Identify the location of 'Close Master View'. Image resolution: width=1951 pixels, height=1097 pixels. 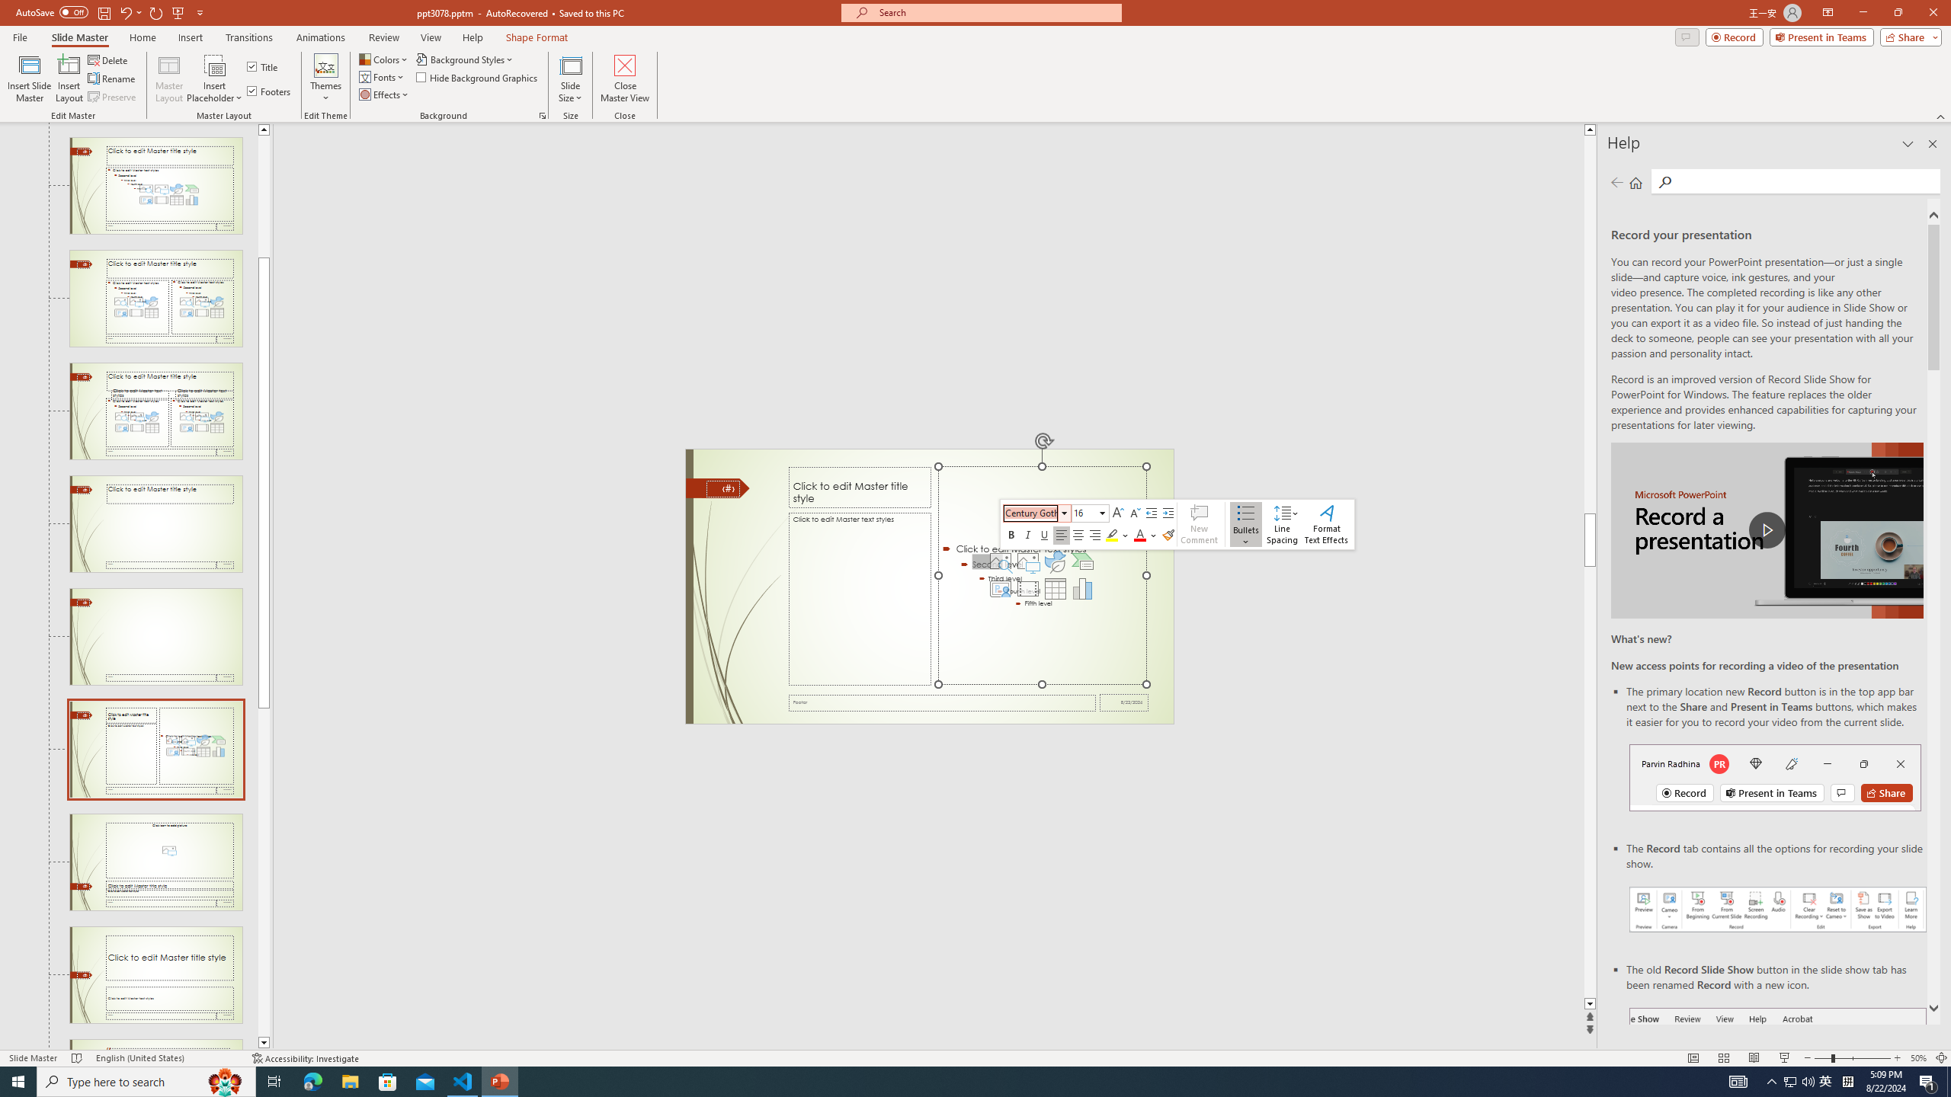
(624, 78).